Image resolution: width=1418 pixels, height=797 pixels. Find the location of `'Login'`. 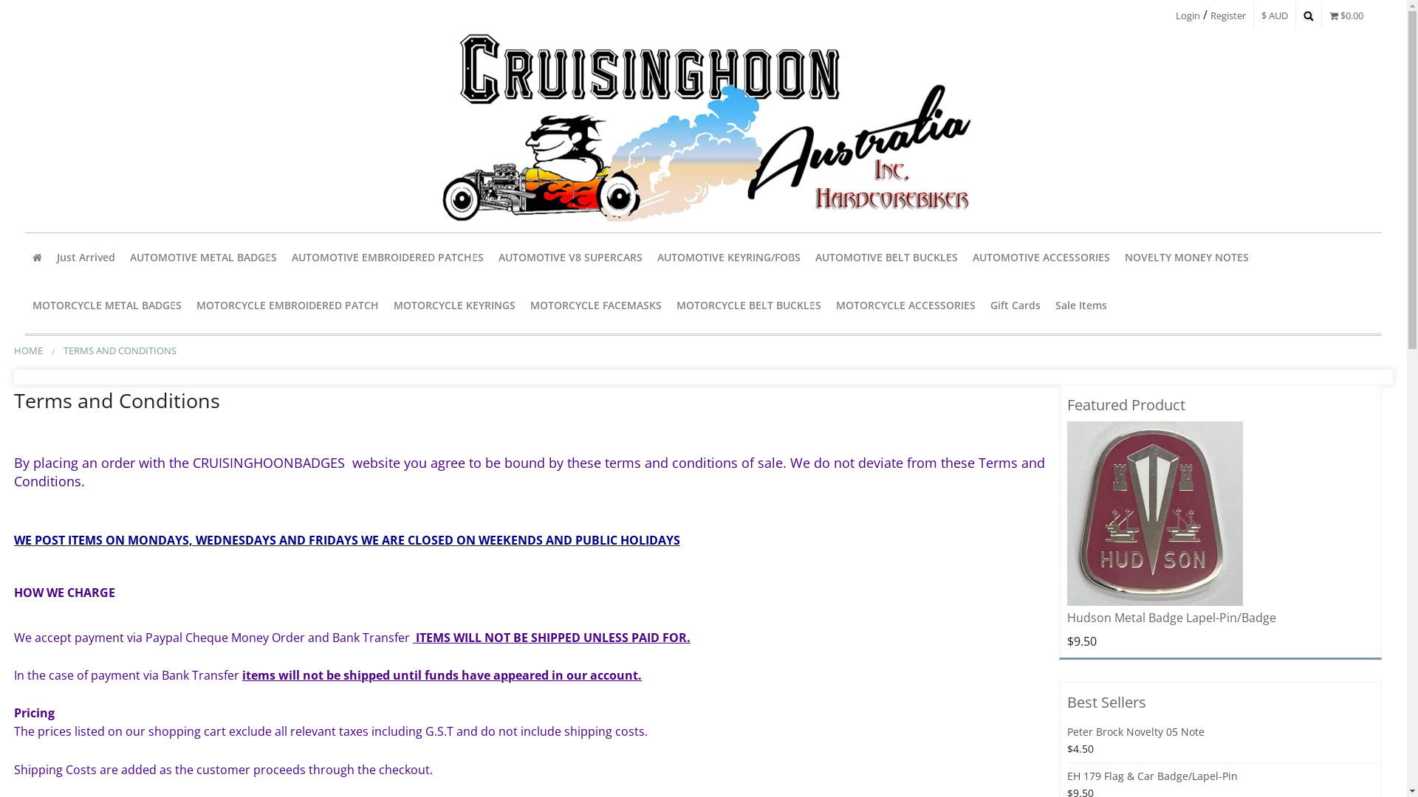

'Login' is located at coordinates (1188, 15).